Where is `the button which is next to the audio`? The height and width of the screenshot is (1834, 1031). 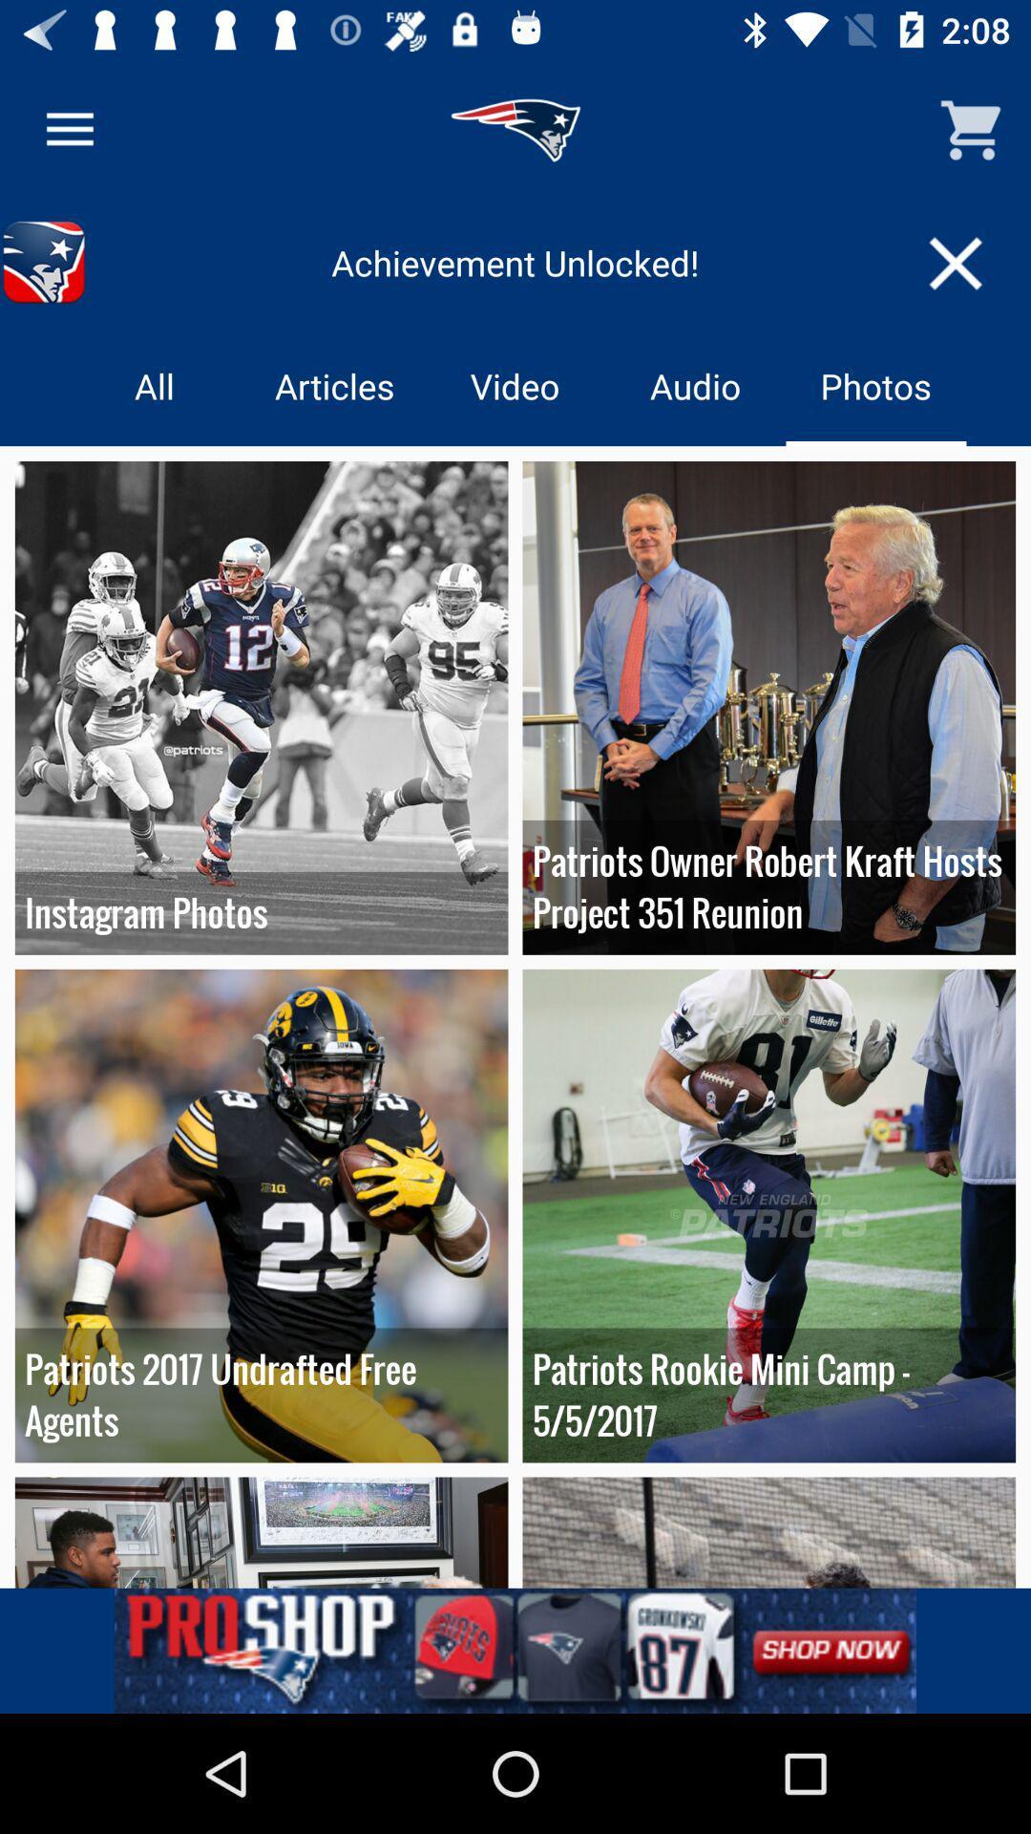
the button which is next to the audio is located at coordinates (876, 384).